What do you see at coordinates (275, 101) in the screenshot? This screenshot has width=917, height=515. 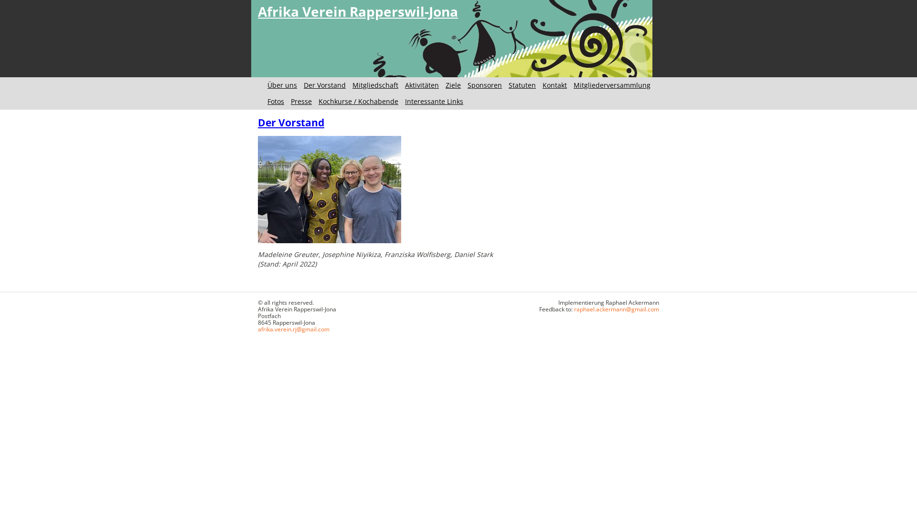 I see `'Fotos'` at bounding box center [275, 101].